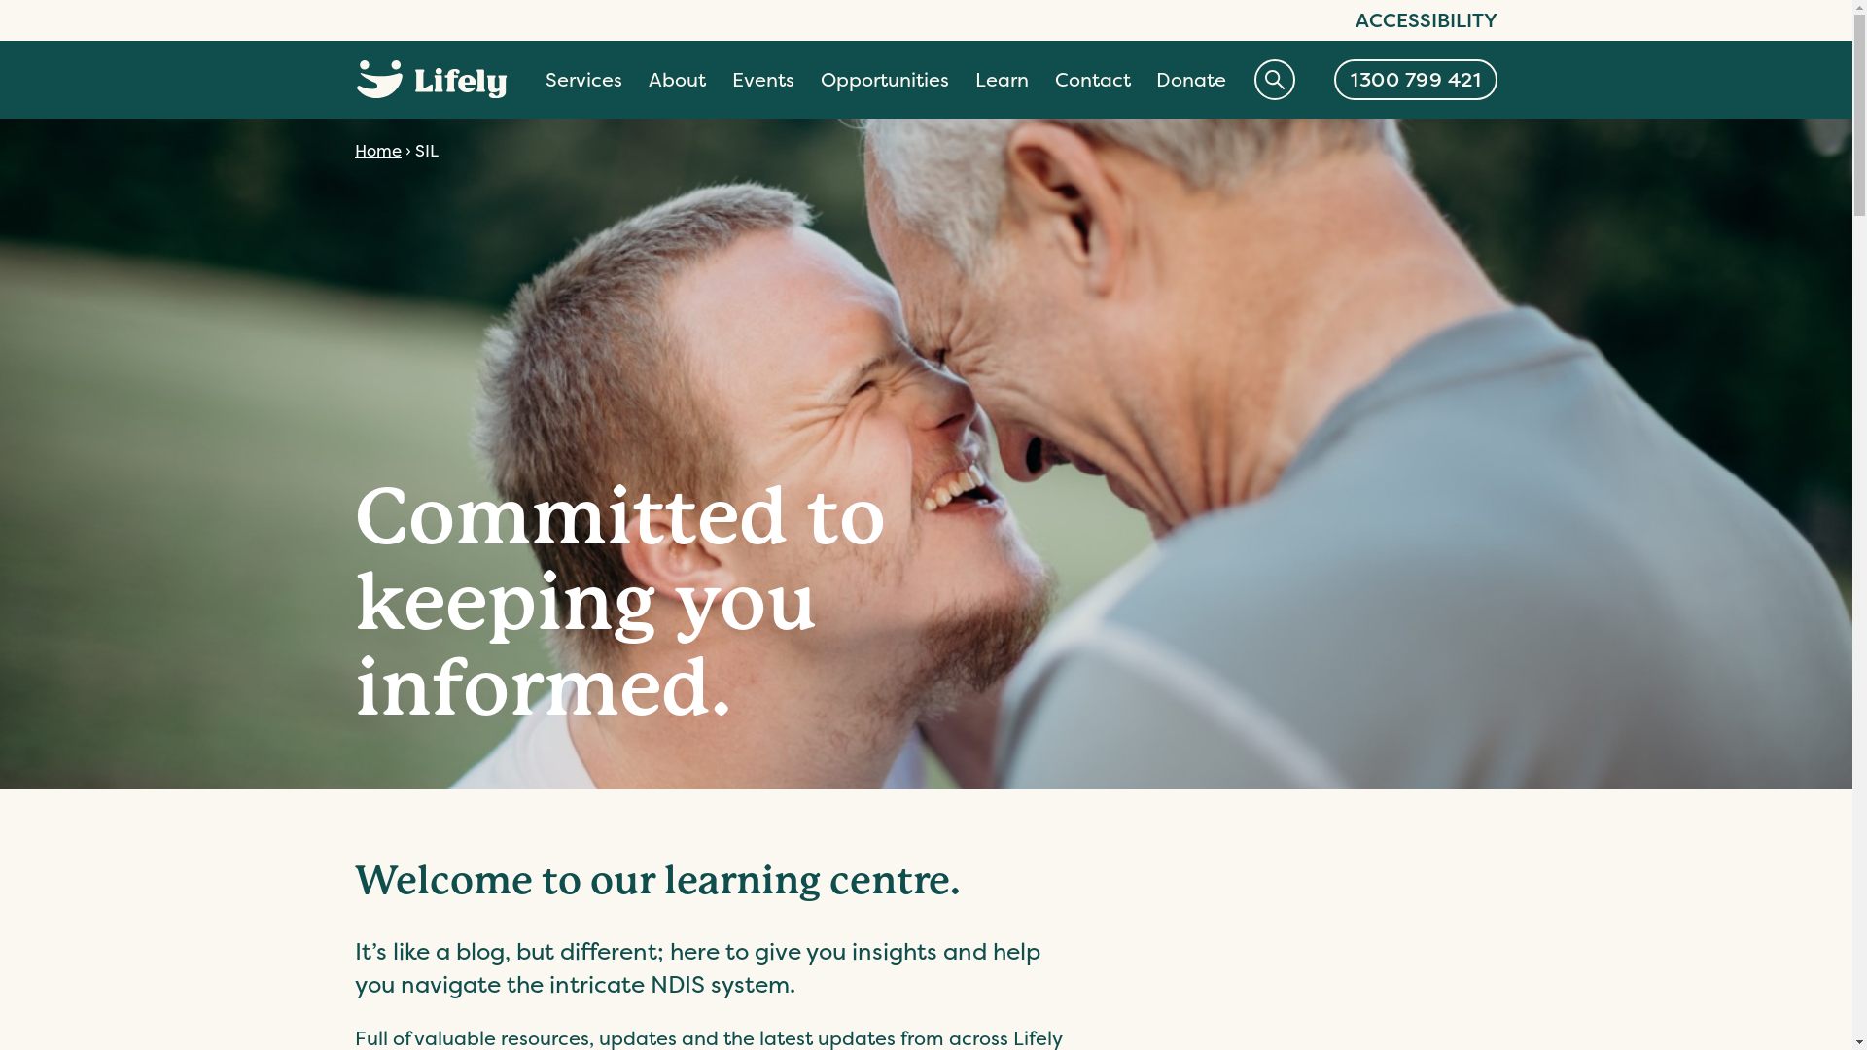 This screenshot has height=1050, width=1867. Describe the element at coordinates (1274, 78) in the screenshot. I see `'Toggle search form'` at that location.